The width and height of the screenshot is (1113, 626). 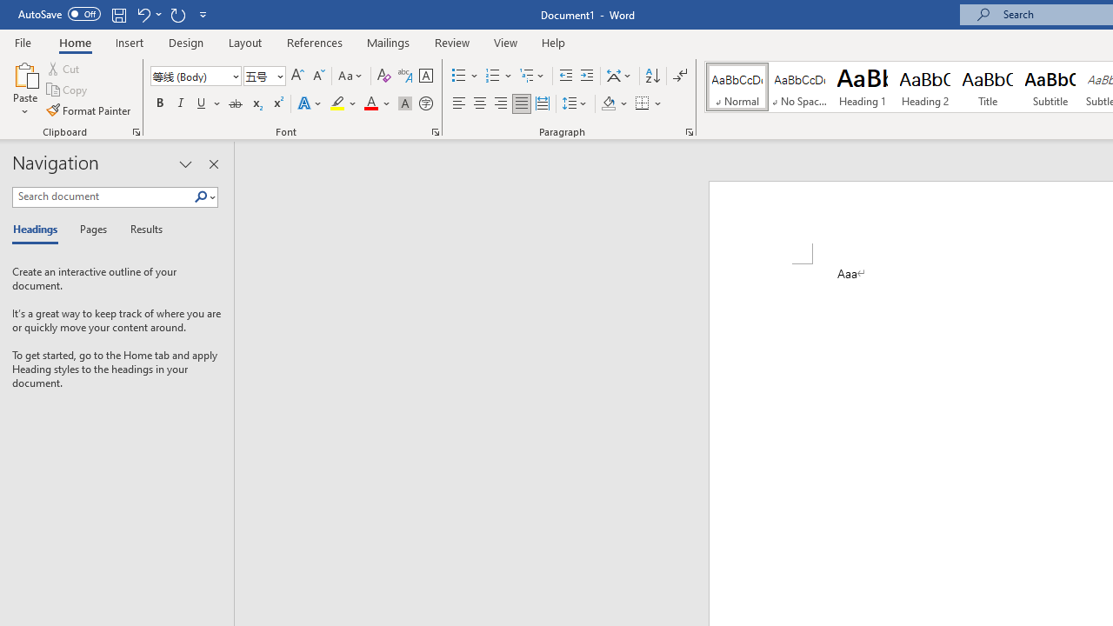 I want to click on 'Title', so click(x=988, y=87).